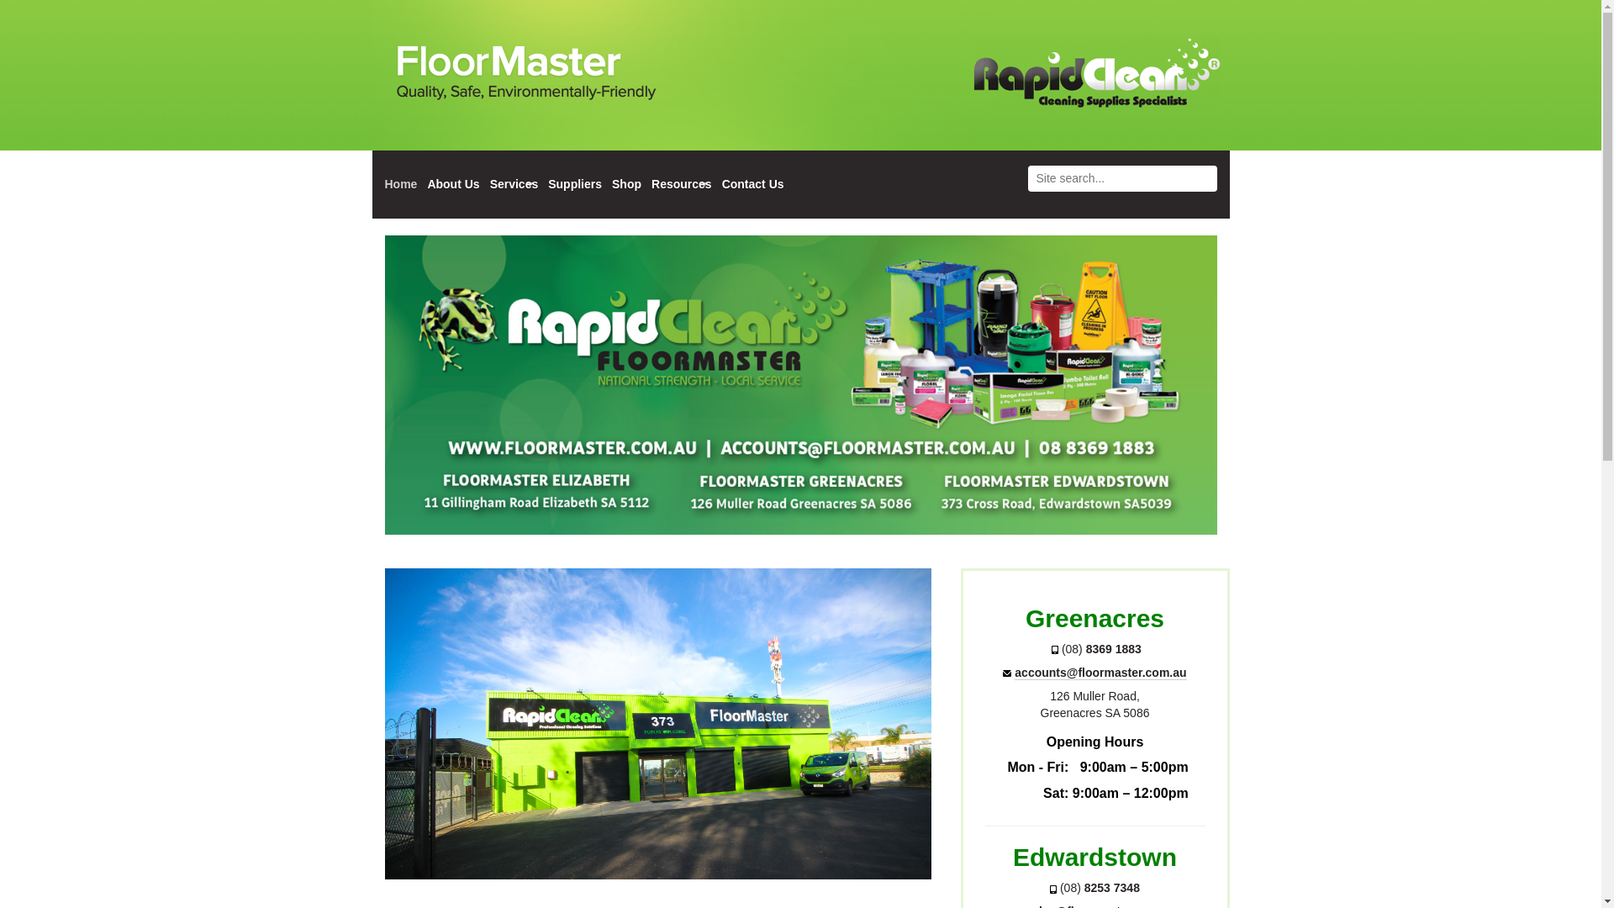 The width and height of the screenshot is (1614, 908). Describe the element at coordinates (548, 184) in the screenshot. I see `'Suppliers'` at that location.